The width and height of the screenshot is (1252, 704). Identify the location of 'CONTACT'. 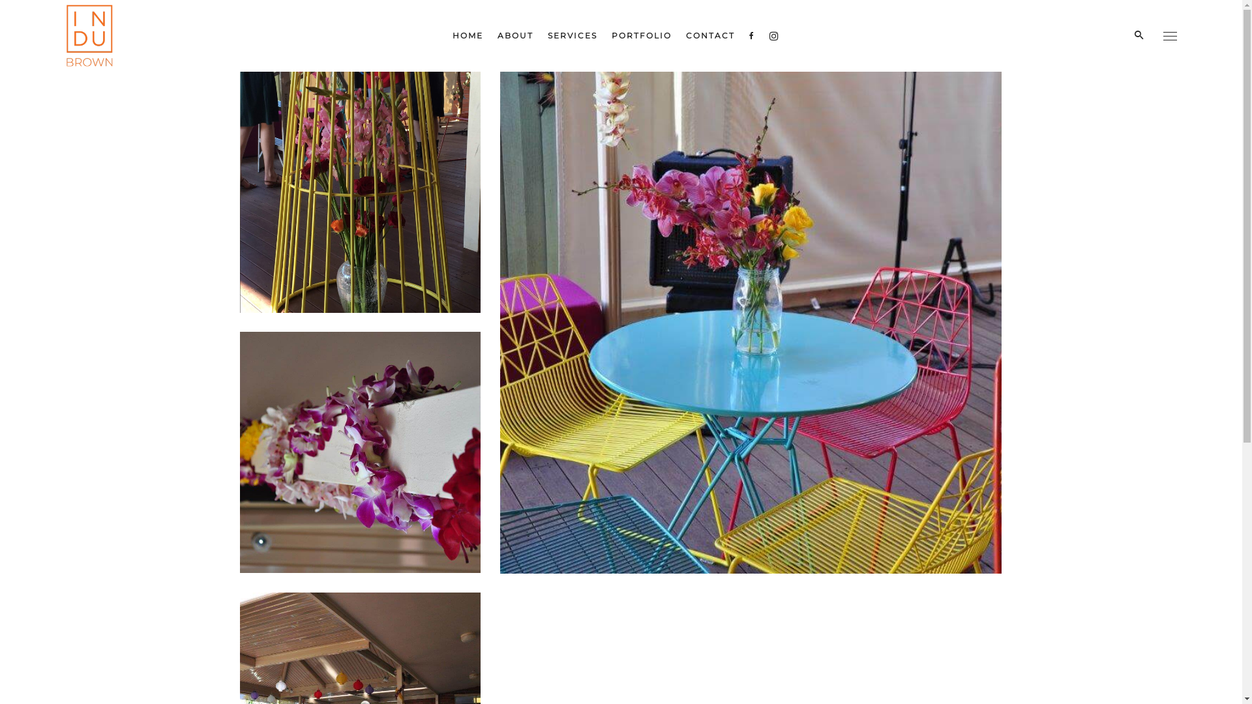
(709, 35).